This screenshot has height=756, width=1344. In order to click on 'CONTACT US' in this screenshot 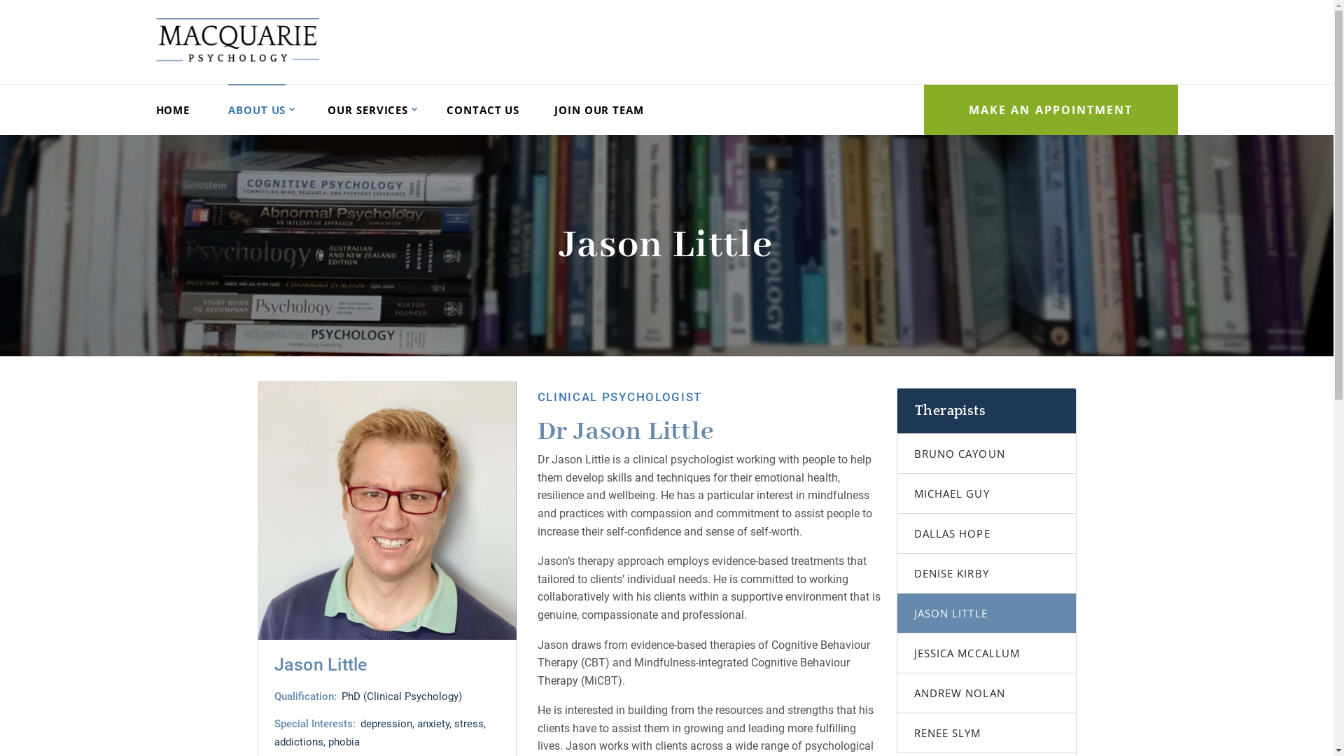, I will do `click(483, 109)`.